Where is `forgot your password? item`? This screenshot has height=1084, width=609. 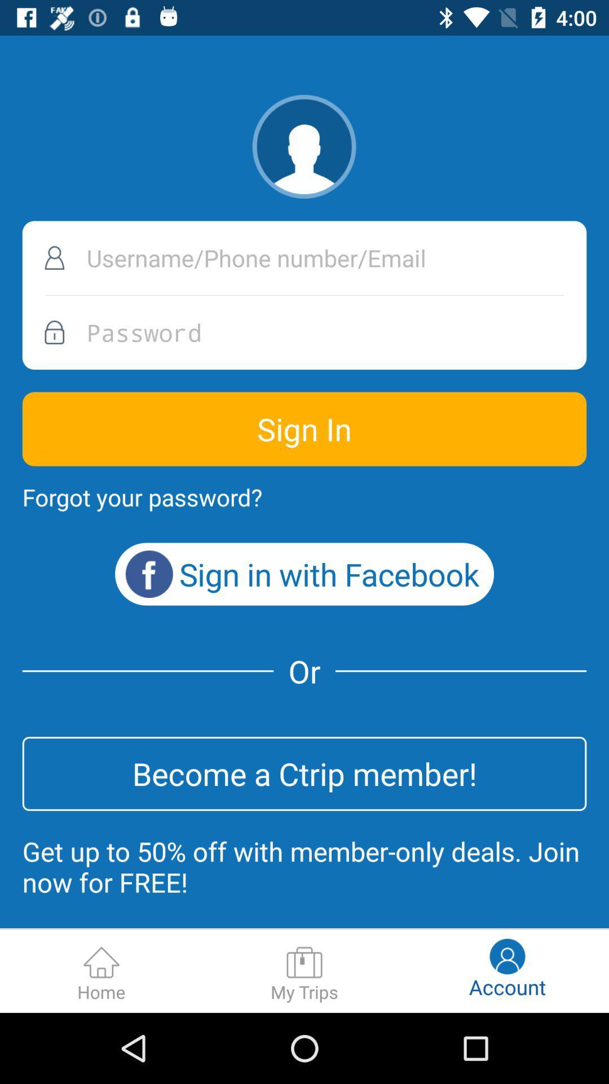
forgot your password? item is located at coordinates (142, 497).